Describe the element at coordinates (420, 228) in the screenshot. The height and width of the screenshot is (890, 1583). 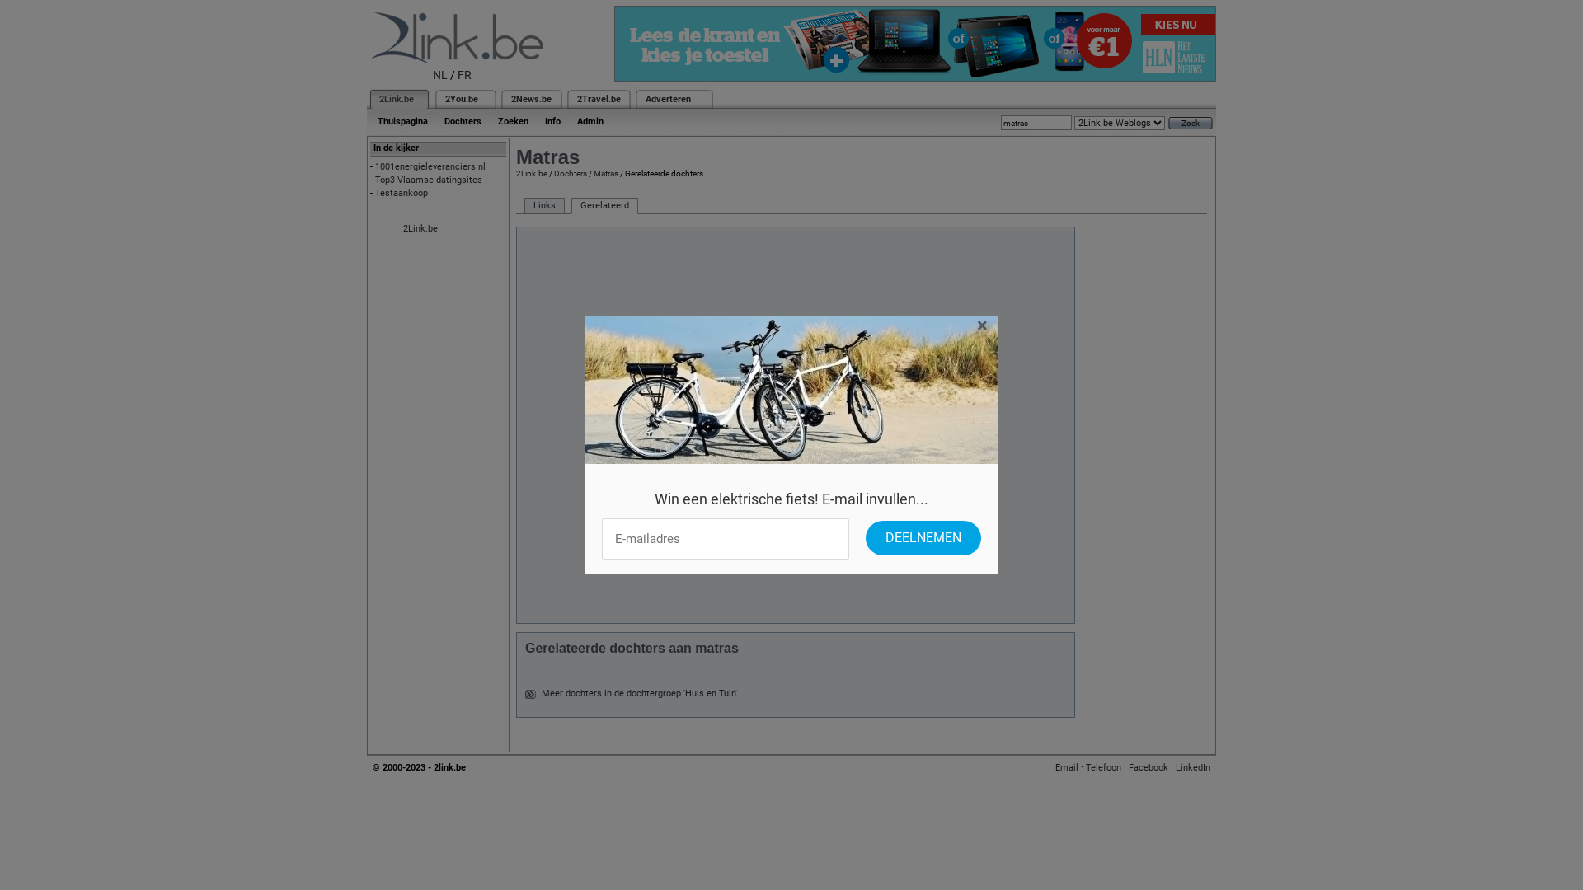
I see `'2Link.be'` at that location.